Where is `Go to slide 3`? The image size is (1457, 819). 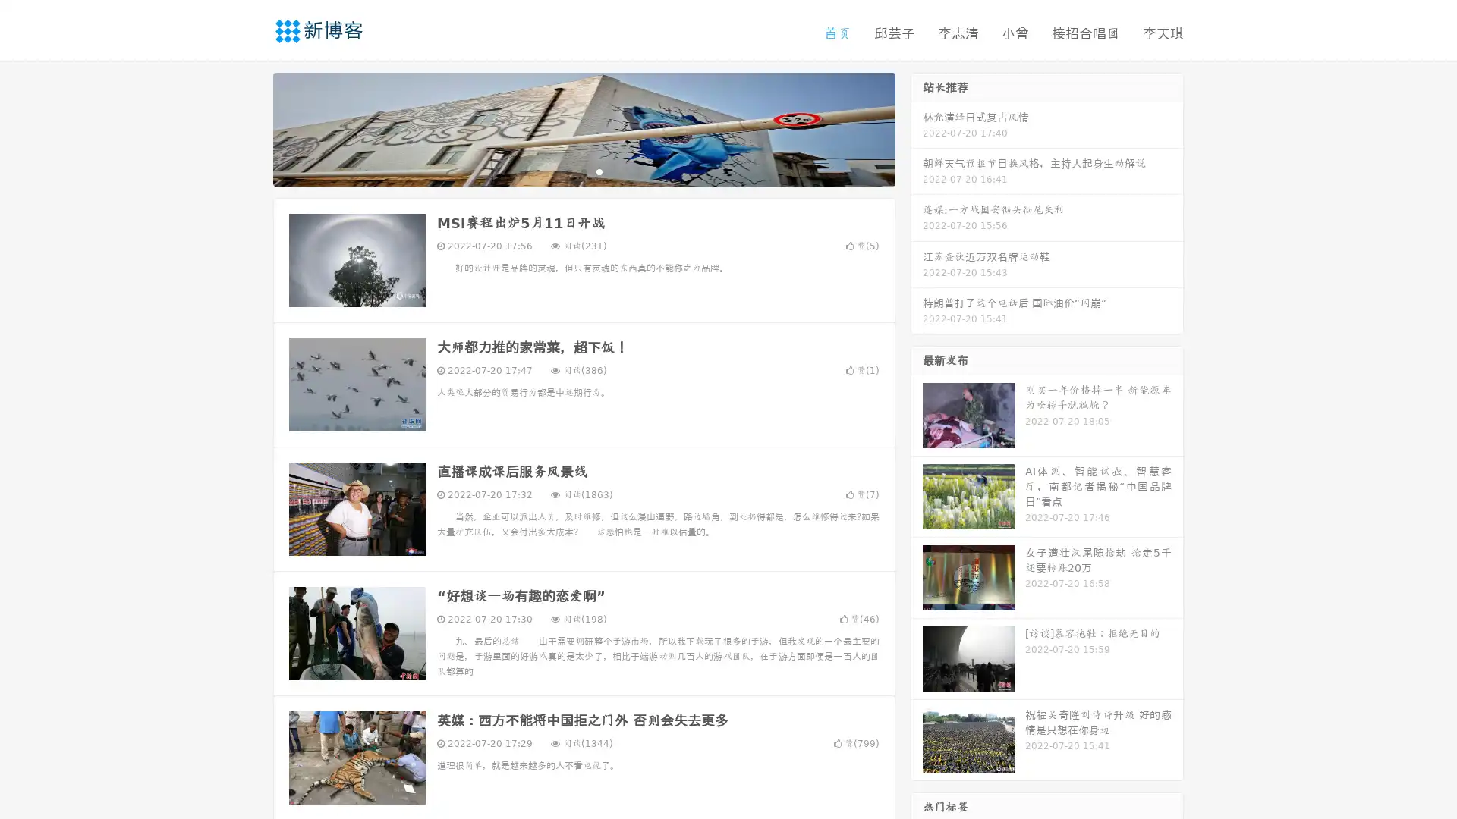
Go to slide 3 is located at coordinates (599, 171).